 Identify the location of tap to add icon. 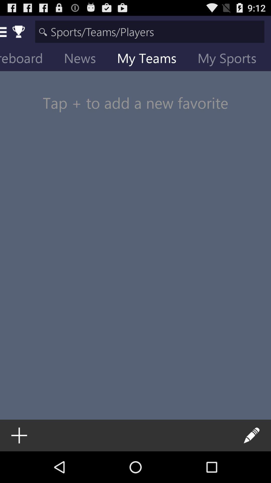
(135, 93).